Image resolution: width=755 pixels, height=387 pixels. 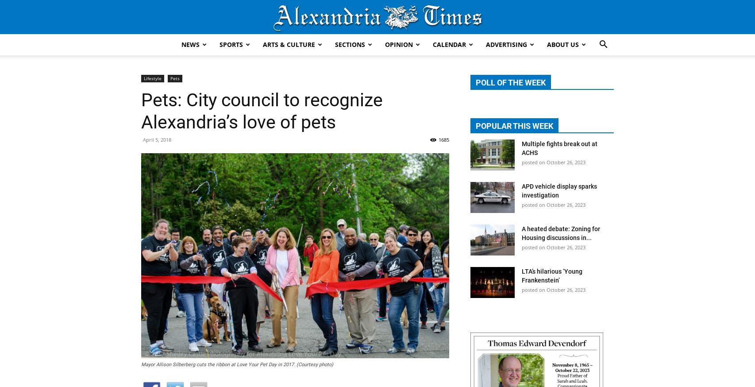 What do you see at coordinates (559, 147) in the screenshot?
I see `'Multiple fights break out at ACHS'` at bounding box center [559, 147].